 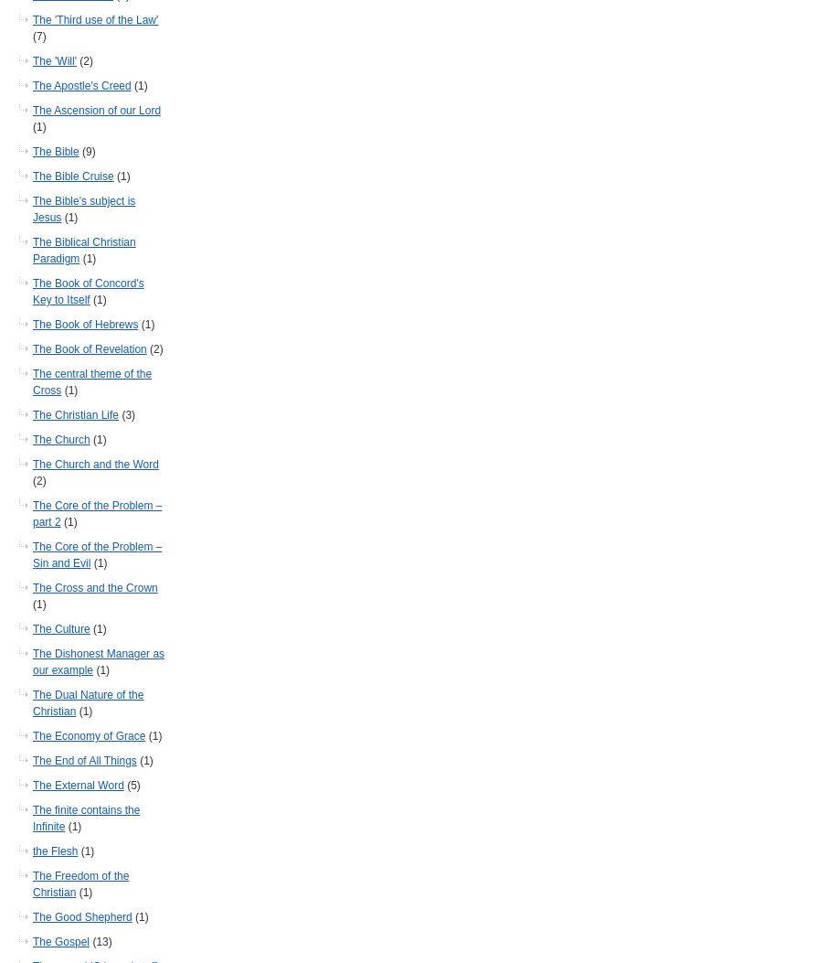 I want to click on 'the Flesh', so click(x=31, y=850).